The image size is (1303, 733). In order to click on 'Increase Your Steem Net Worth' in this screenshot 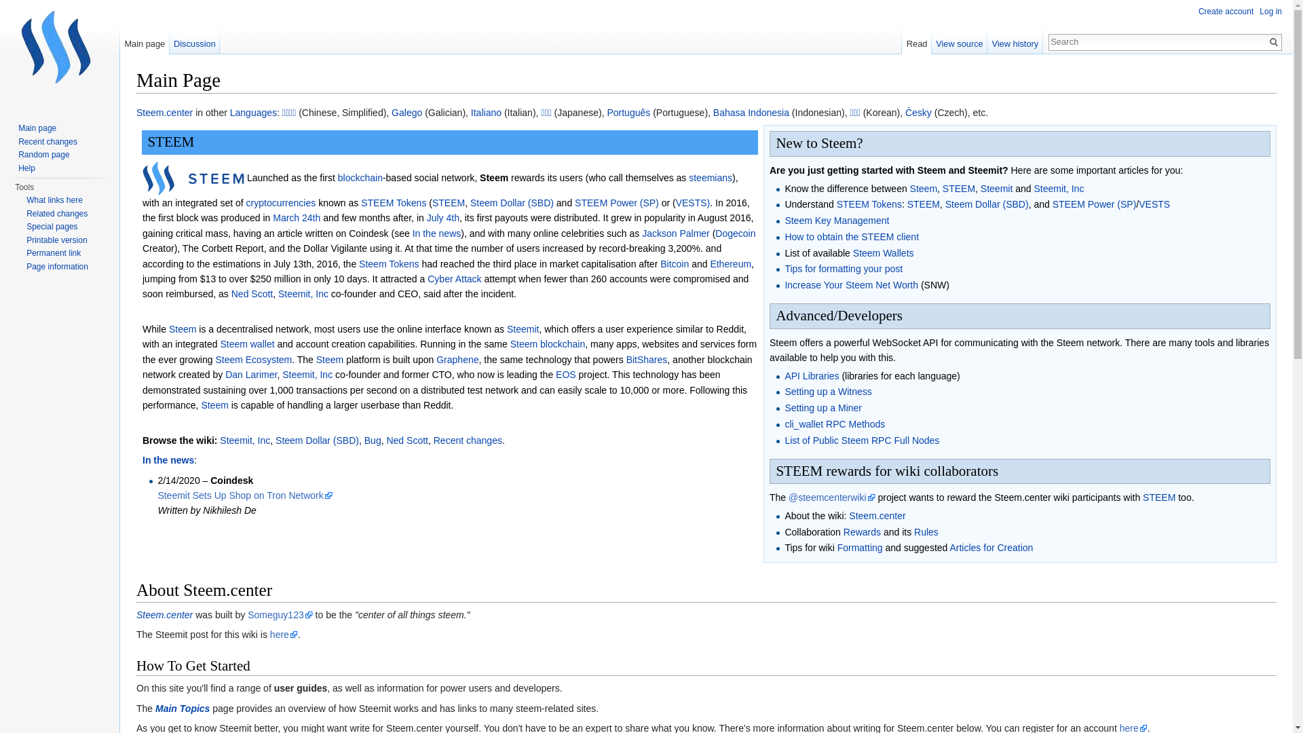, I will do `click(850, 284)`.